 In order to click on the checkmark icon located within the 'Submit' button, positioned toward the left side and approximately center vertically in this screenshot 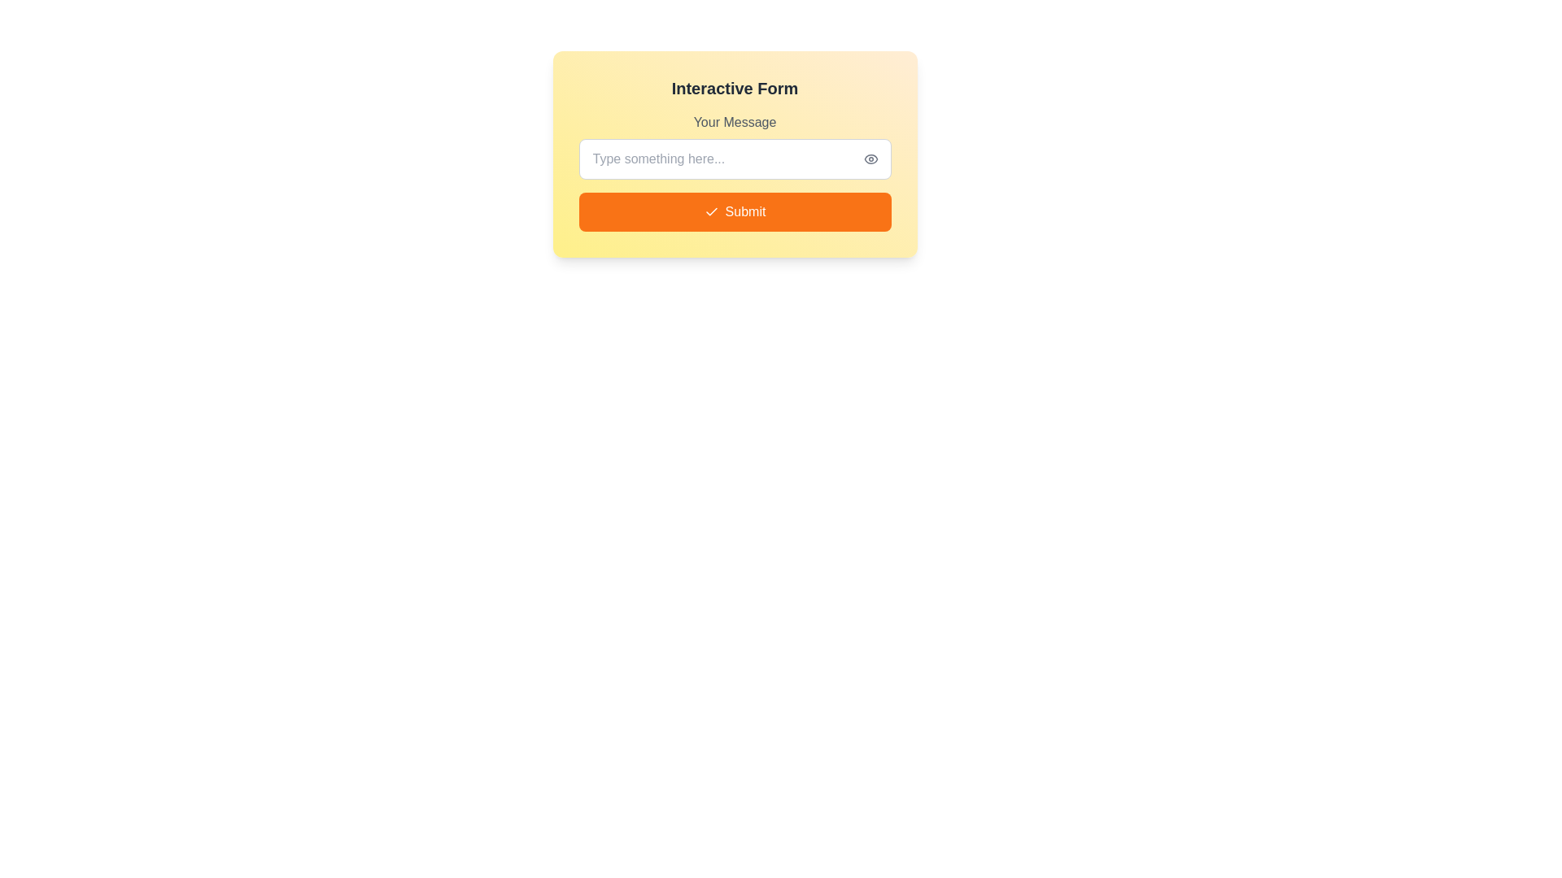, I will do `click(711, 211)`.